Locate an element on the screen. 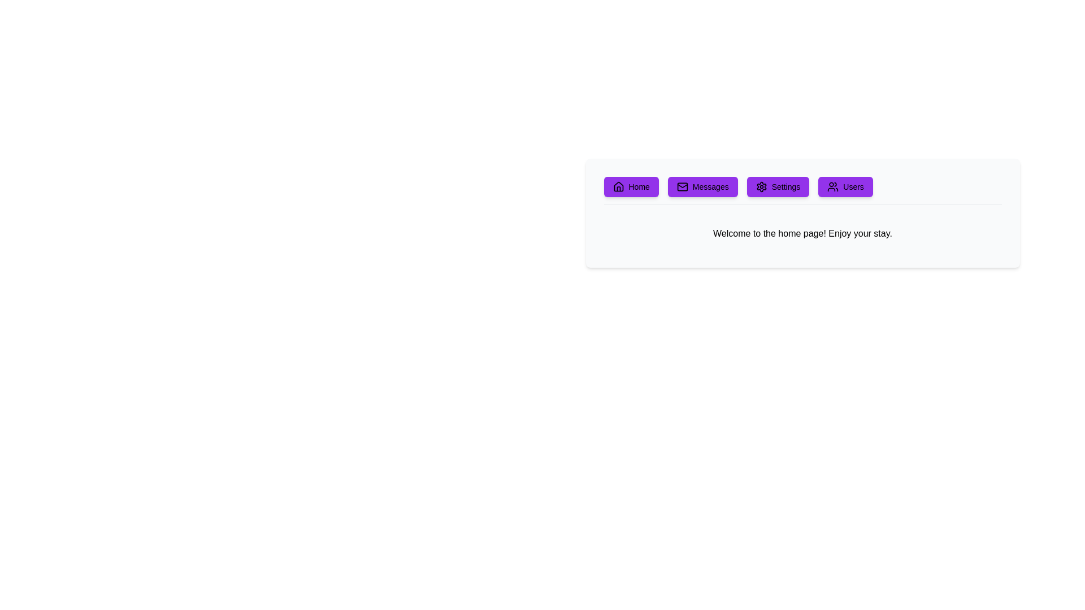 This screenshot has height=610, width=1085. the settings button which contains a purple gear icon, centrally located within the button in the horizontal navigation bar is located at coordinates (761, 186).